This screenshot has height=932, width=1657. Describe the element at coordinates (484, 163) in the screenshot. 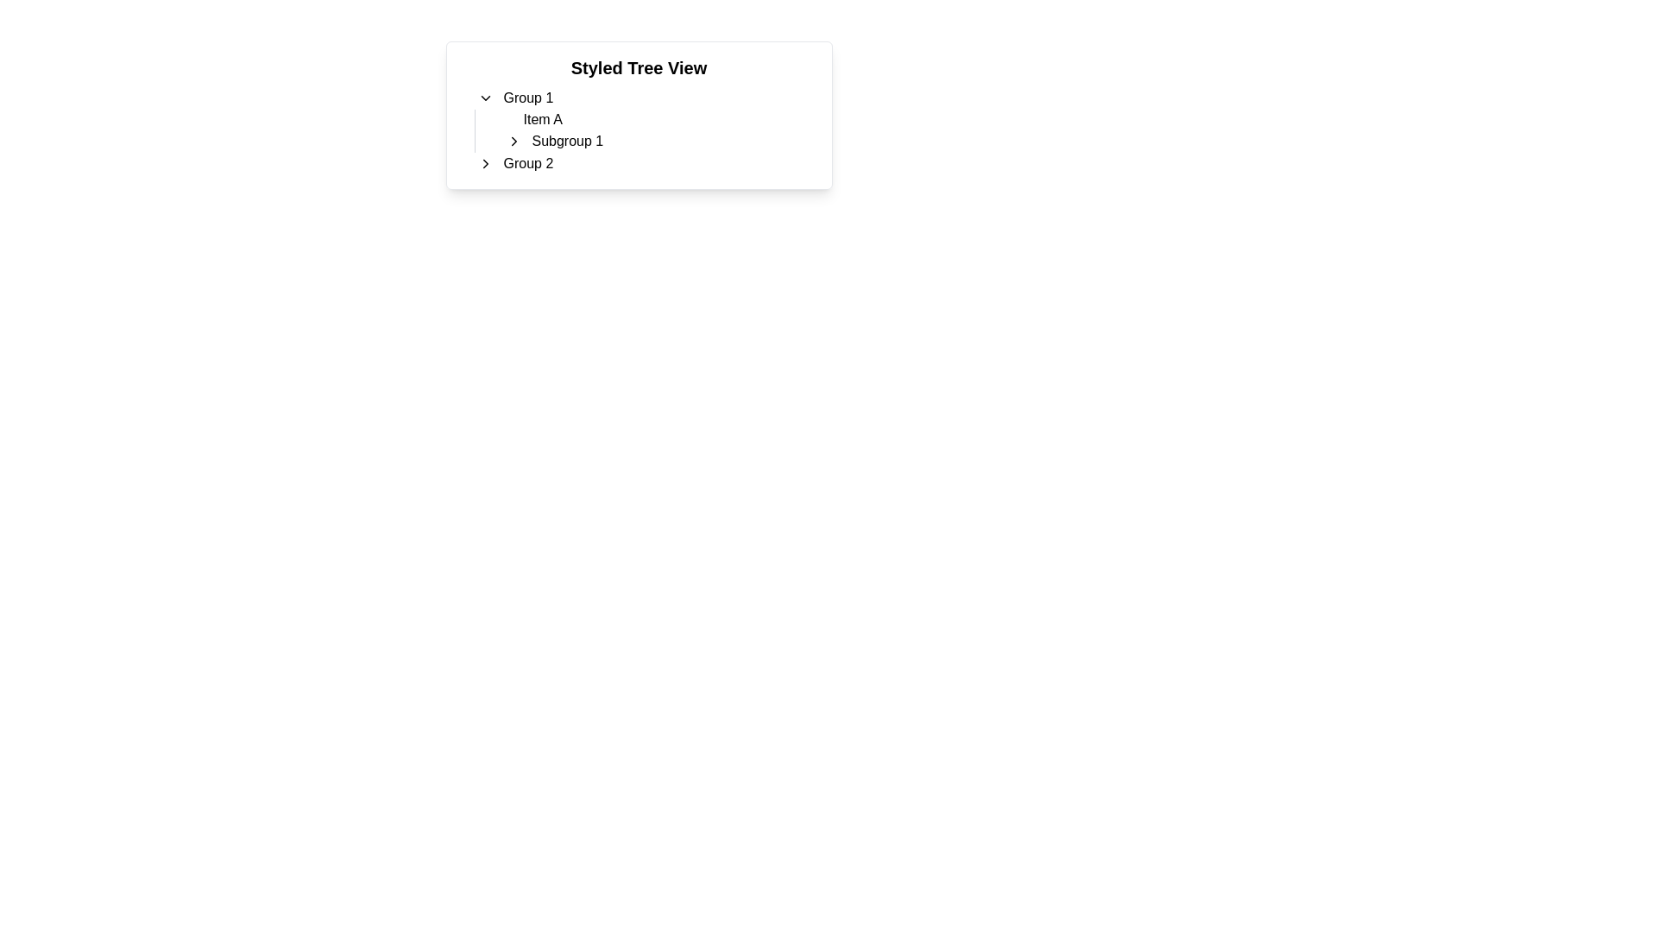

I see `the black chevron-shaped icon pointing to the right, located immediately to the left of the text label 'Group 2' in the tree view structure` at that location.